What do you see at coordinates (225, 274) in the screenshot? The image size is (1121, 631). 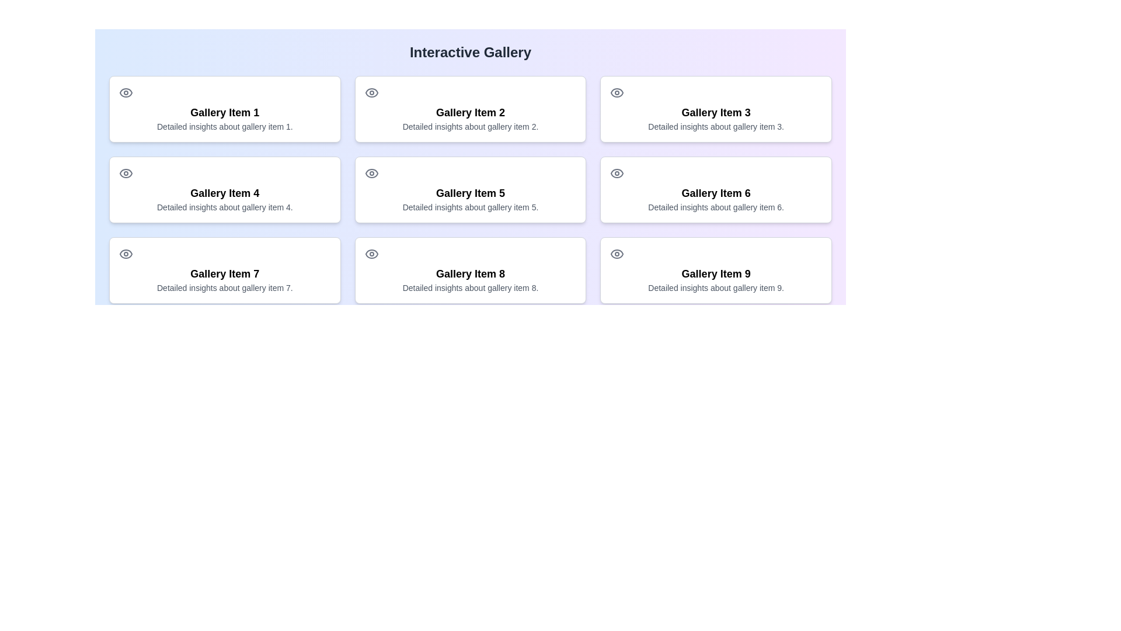 I see `the Text Label displaying the title or identifier of the gallery item located in the lower portion of the card labeled 'Gallery Item 7', which is the first card in the third row of a three-by-three grid layout` at bounding box center [225, 274].